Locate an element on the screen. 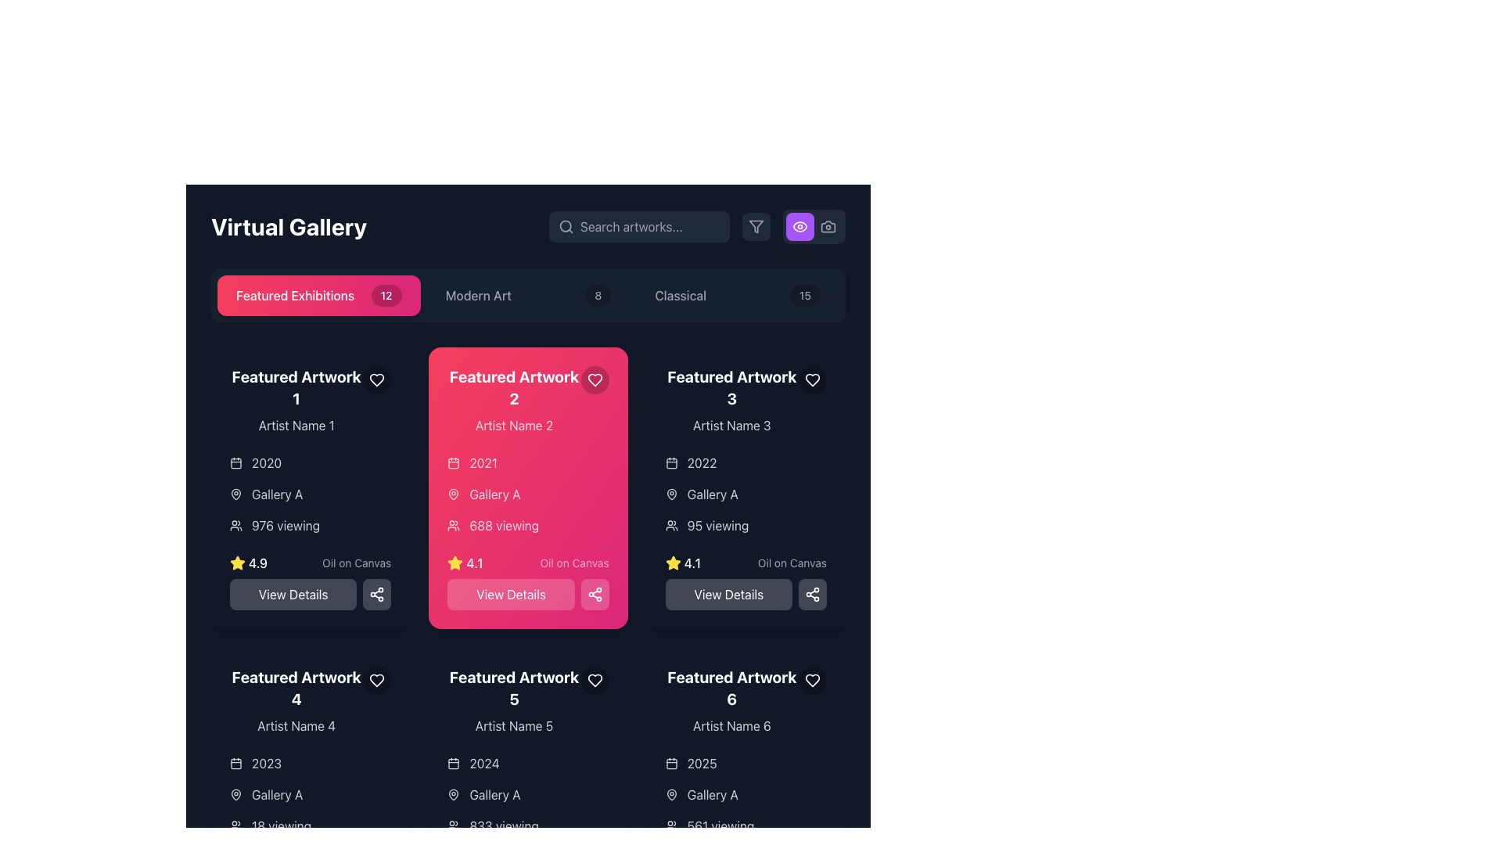 This screenshot has height=845, width=1502. the text display showing the value '4.1', which is located in the 'Featured Artwork 2' card, below the views text and next to a yellow star icon is located at coordinates (473, 563).